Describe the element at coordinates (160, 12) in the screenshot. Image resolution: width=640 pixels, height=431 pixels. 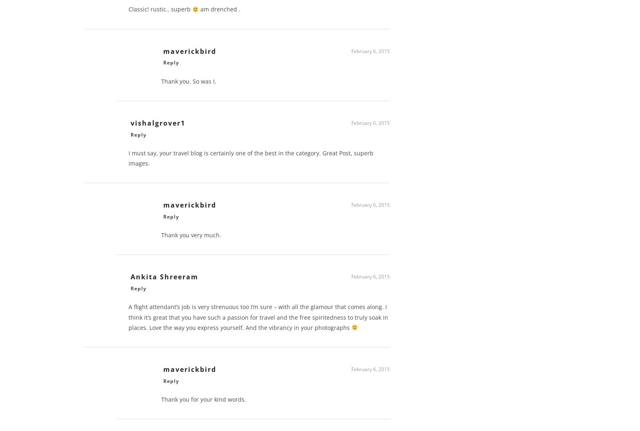
I see `'Classic! rustic.. superb'` at that location.